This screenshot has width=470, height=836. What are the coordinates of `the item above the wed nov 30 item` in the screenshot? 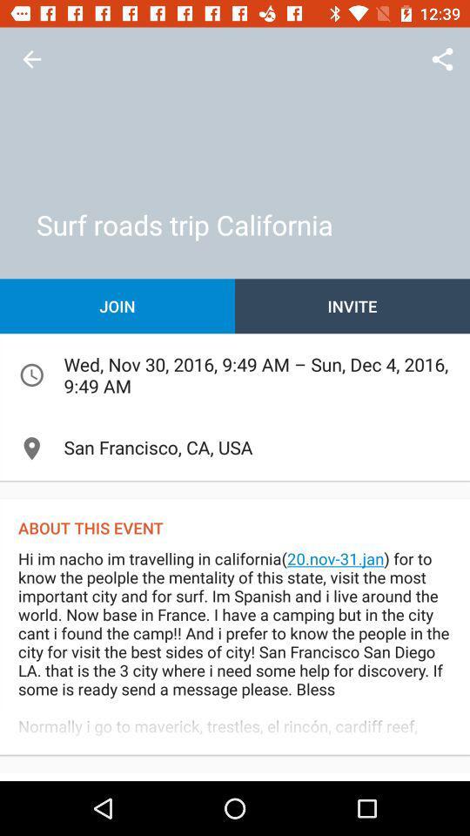 It's located at (352, 306).